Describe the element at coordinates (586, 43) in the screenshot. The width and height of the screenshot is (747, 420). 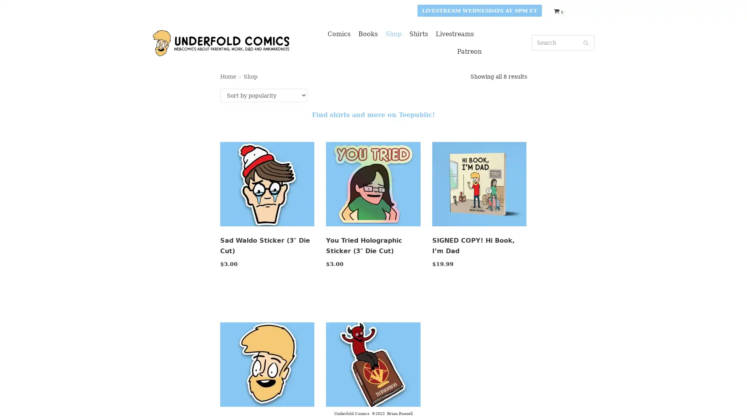
I see `Search` at that location.